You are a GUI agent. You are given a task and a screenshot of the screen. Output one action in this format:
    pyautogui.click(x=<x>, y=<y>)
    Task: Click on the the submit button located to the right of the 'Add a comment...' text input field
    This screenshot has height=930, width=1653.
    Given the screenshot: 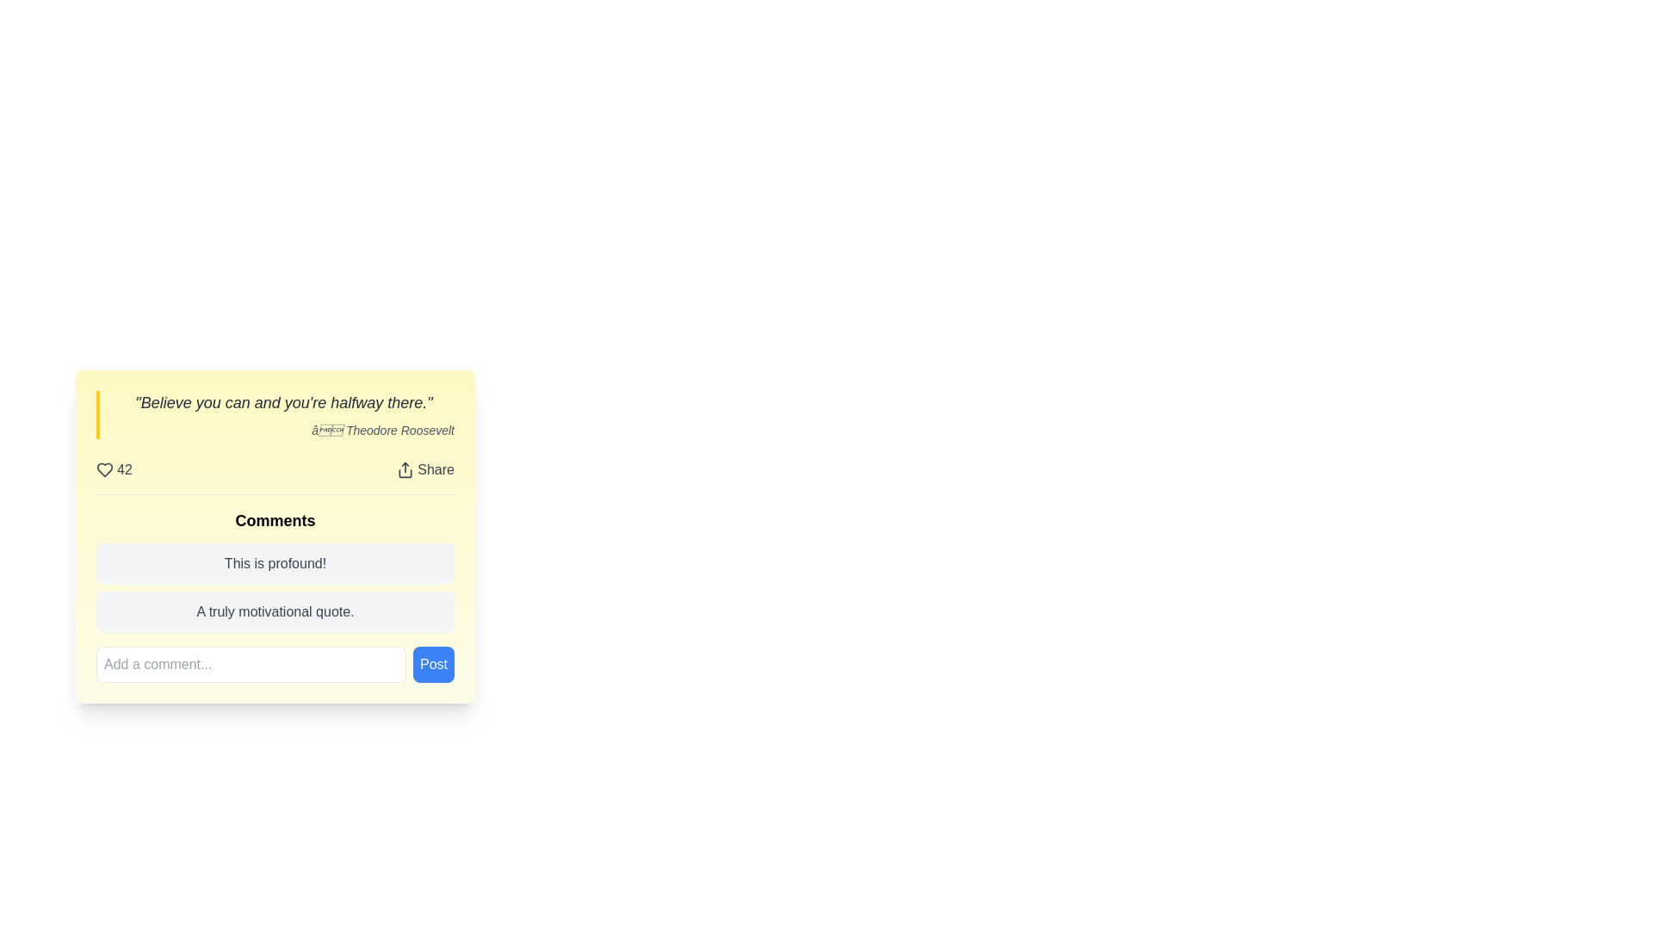 What is the action you would take?
    pyautogui.click(x=434, y=663)
    